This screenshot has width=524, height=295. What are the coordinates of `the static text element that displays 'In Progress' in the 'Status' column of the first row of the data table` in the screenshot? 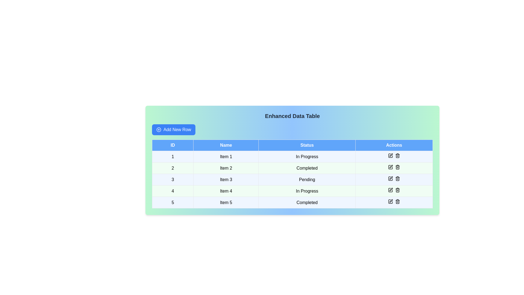 It's located at (307, 157).